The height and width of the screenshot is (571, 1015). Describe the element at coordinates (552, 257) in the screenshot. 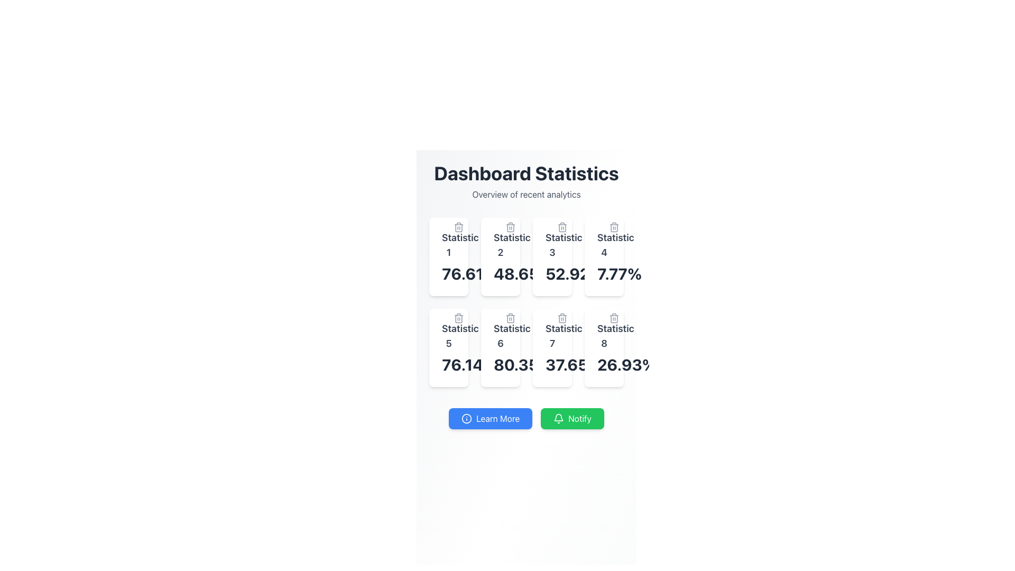

I see `statistic displayed on the card located in the third column of the first row of the grid layout, which is adjacent to 'Statistic 2' on the left and 'Statistic 4' on the right` at that location.